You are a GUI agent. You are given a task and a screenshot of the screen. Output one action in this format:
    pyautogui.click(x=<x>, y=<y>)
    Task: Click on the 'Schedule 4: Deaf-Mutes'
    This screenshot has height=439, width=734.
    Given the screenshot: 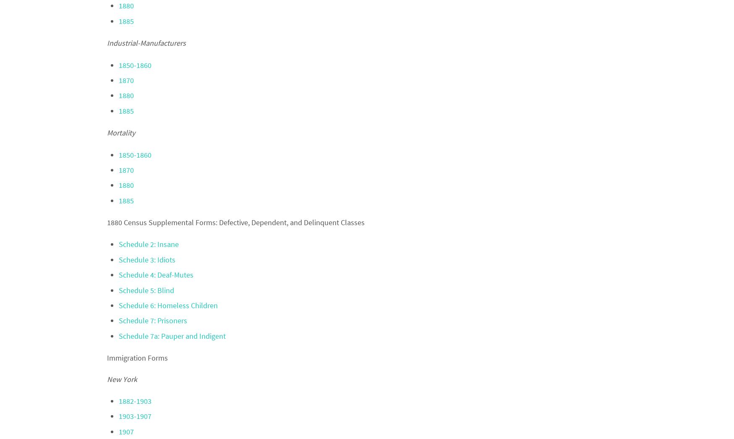 What is the action you would take?
    pyautogui.click(x=156, y=275)
    